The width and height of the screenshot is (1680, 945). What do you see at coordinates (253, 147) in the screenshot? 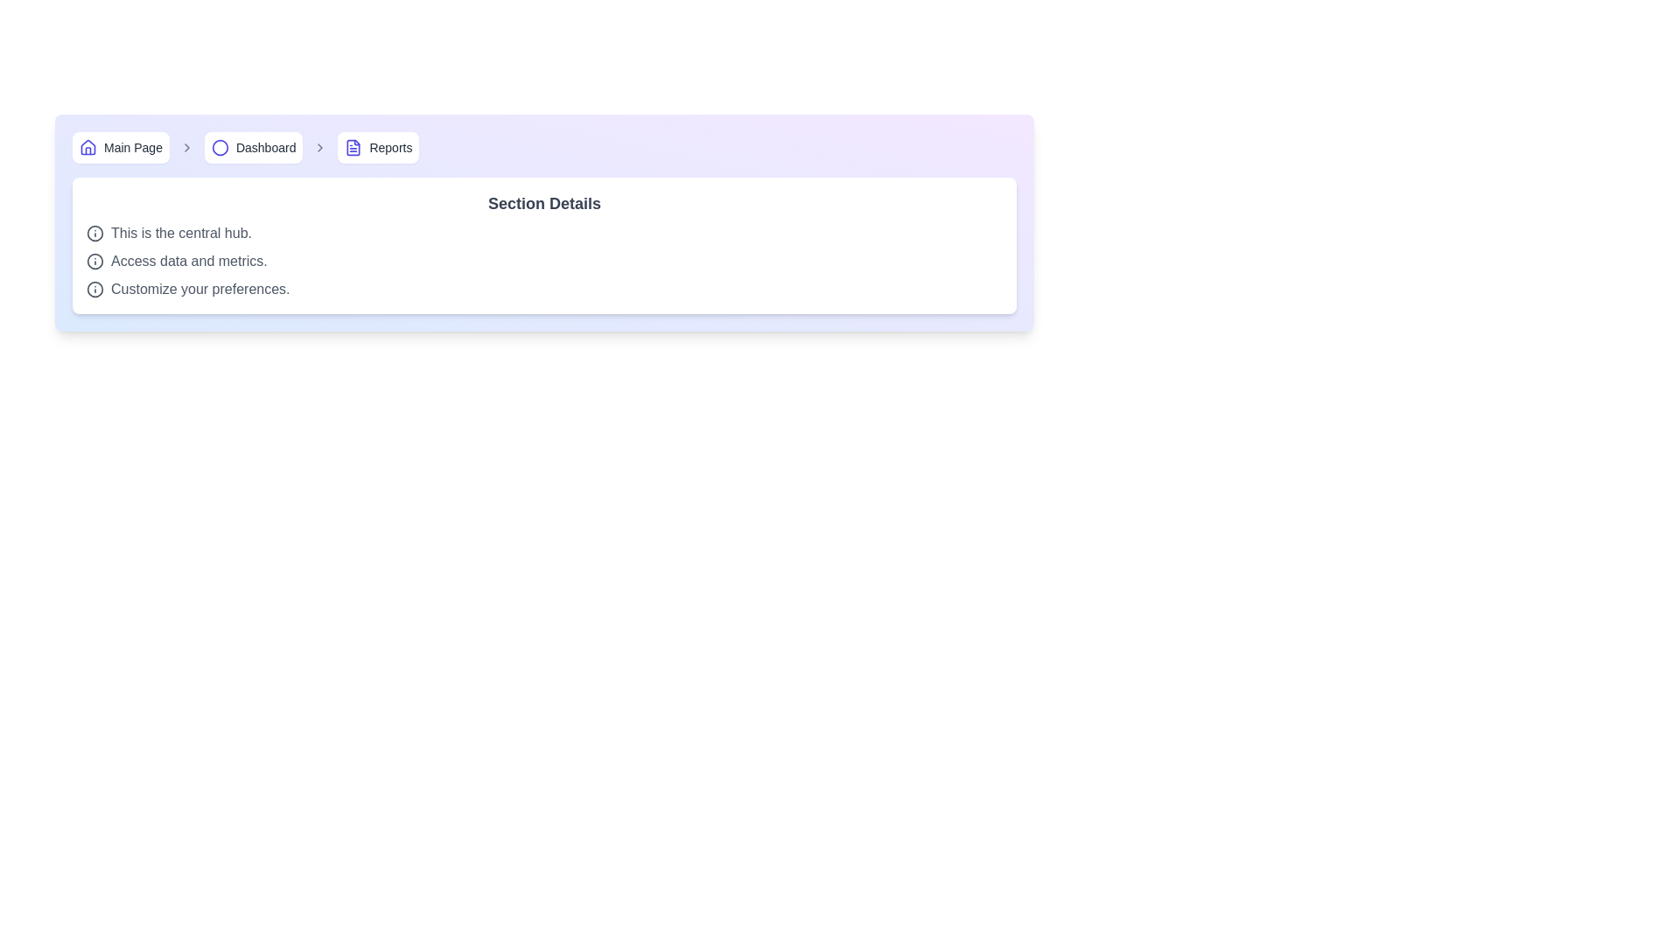
I see `the Dashboard navigation button located in the horizontal navigation bar` at bounding box center [253, 147].